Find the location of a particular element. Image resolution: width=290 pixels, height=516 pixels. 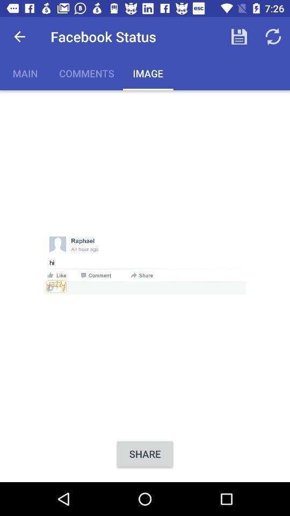

the app next to the facebook status item is located at coordinates (239, 37).